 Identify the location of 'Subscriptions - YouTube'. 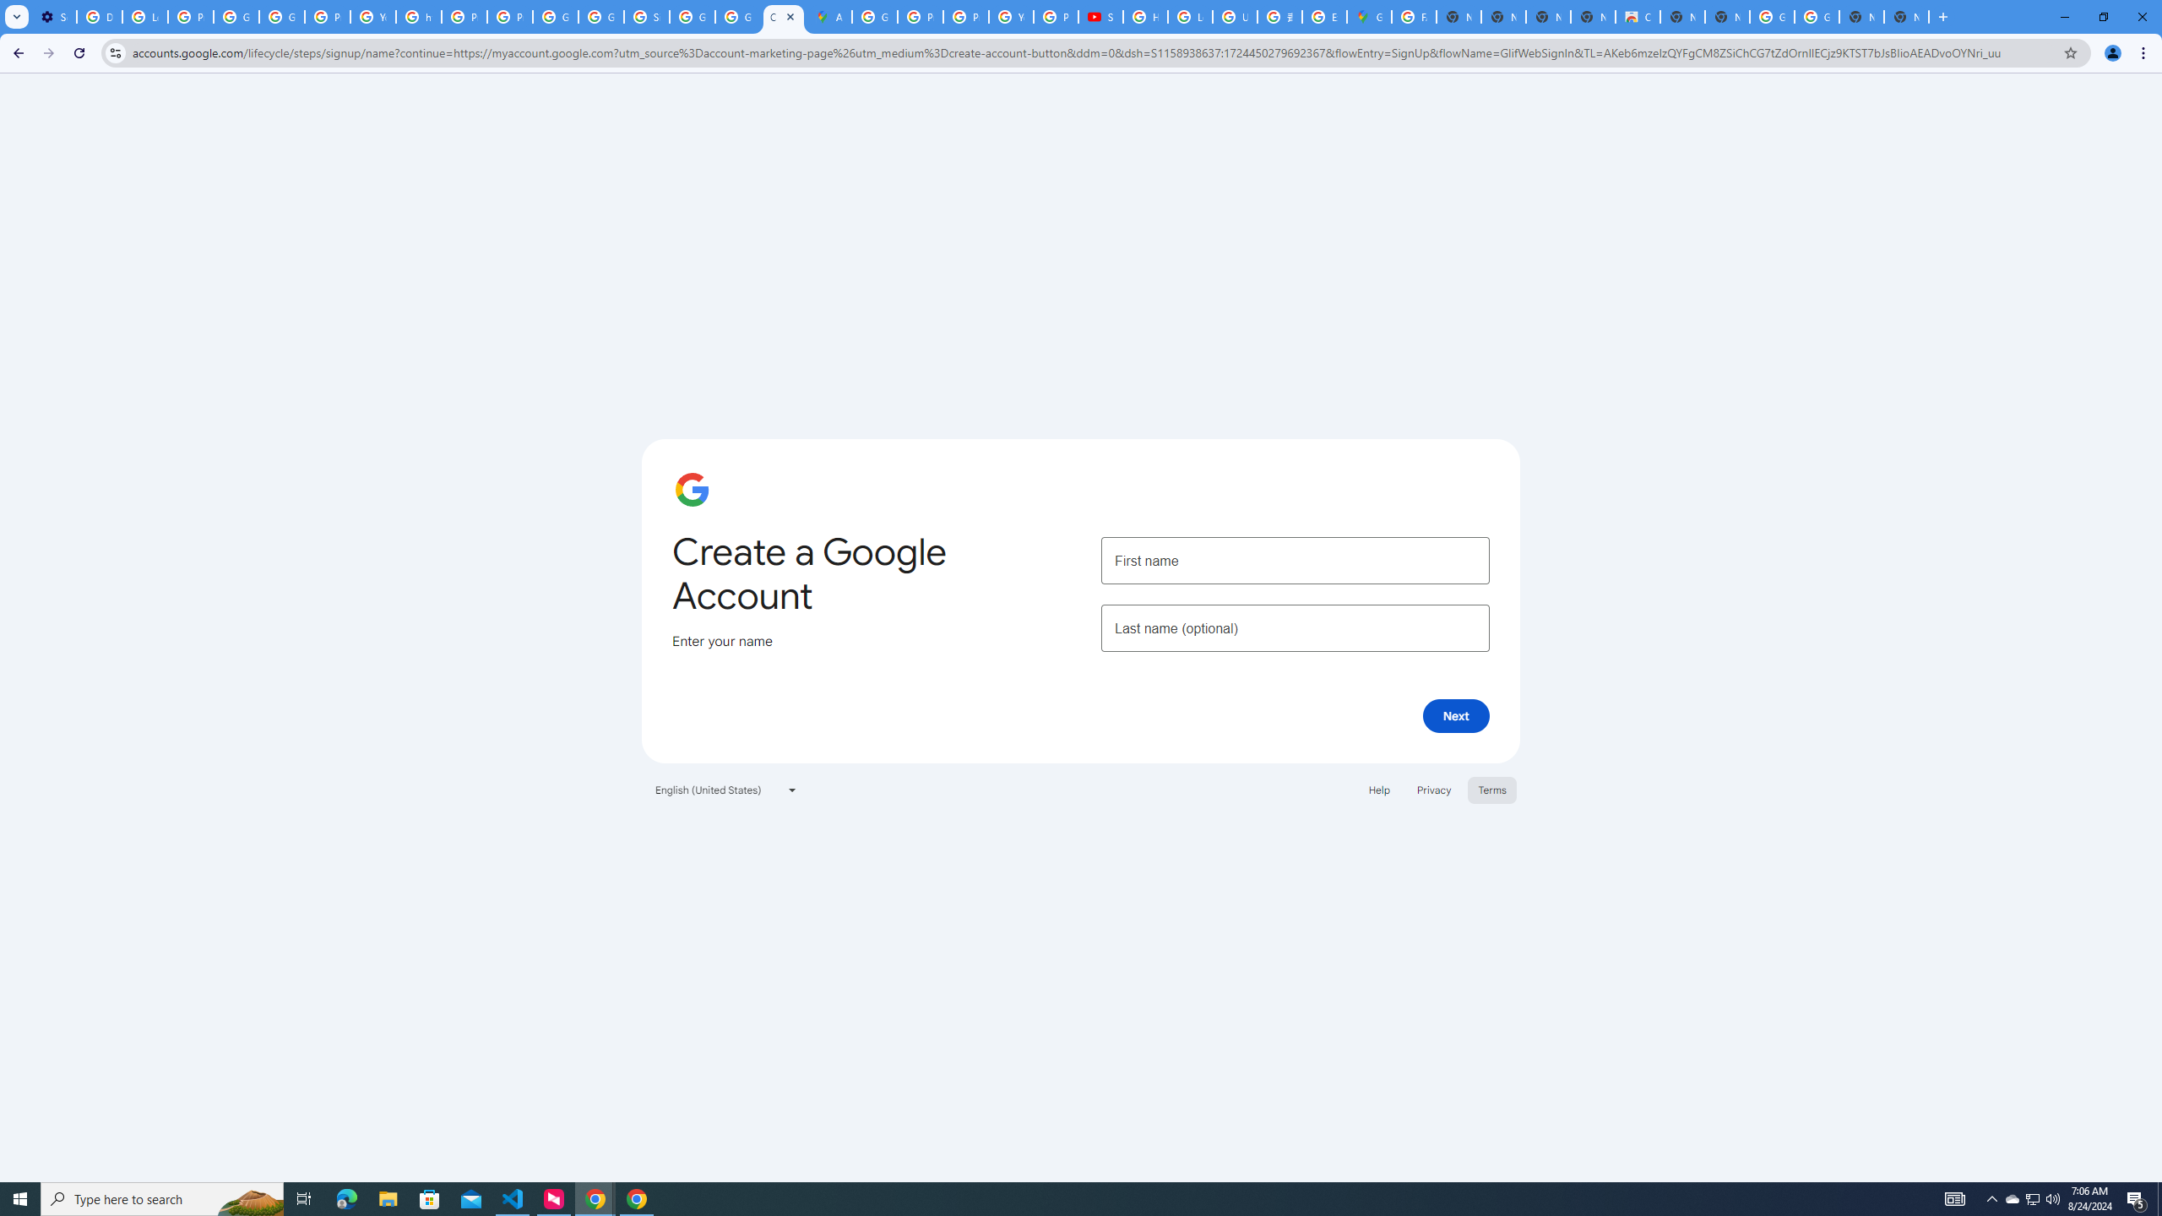
(1100, 16).